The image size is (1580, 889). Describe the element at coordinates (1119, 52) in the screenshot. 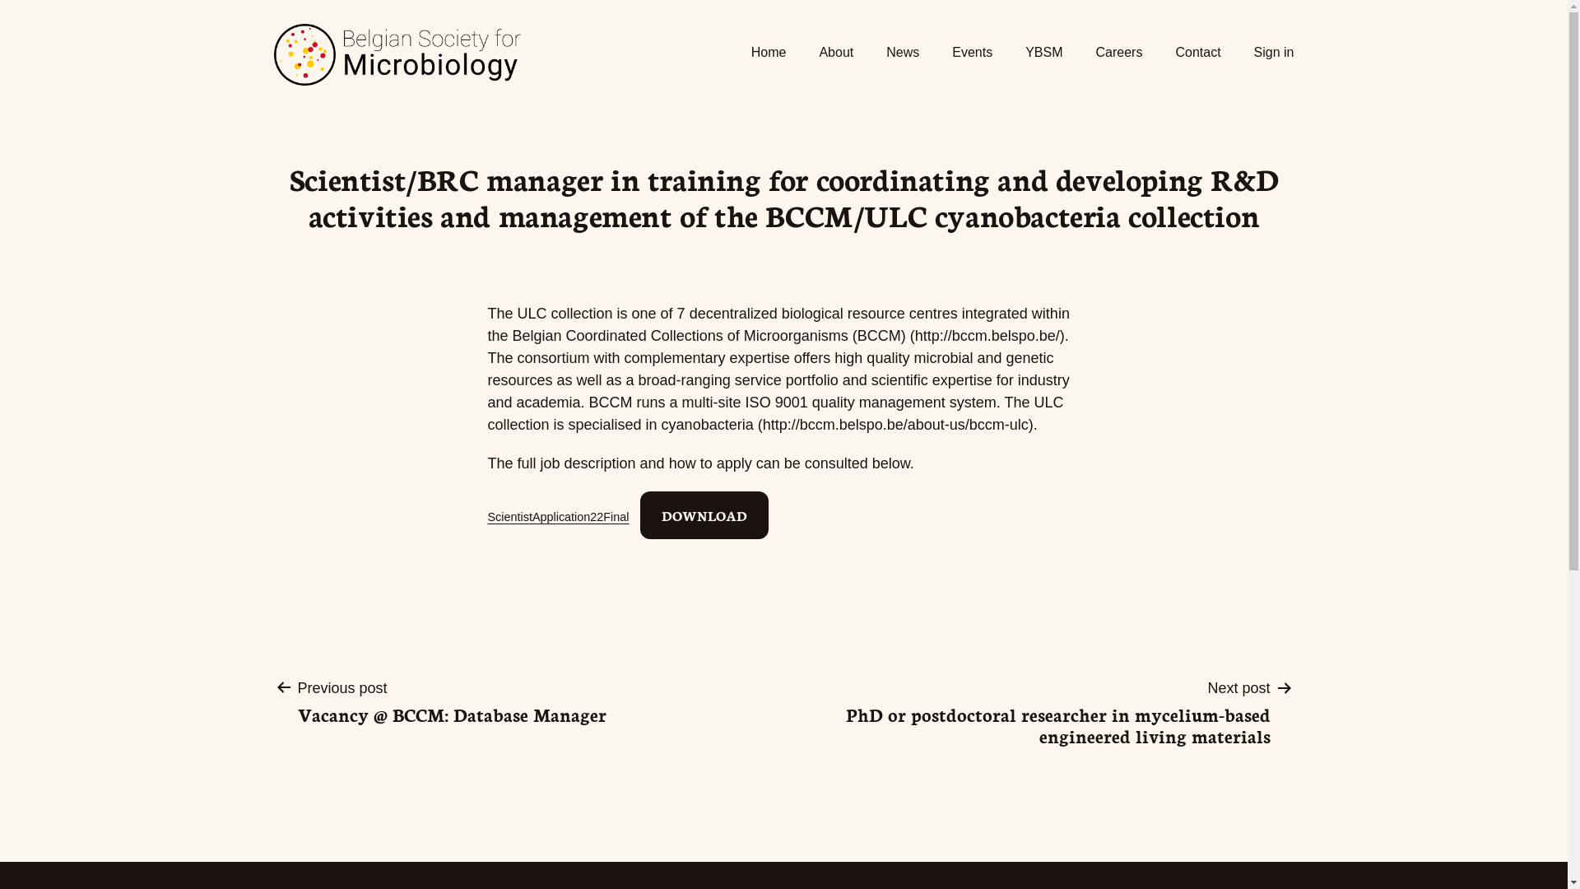

I see `'Careers'` at that location.